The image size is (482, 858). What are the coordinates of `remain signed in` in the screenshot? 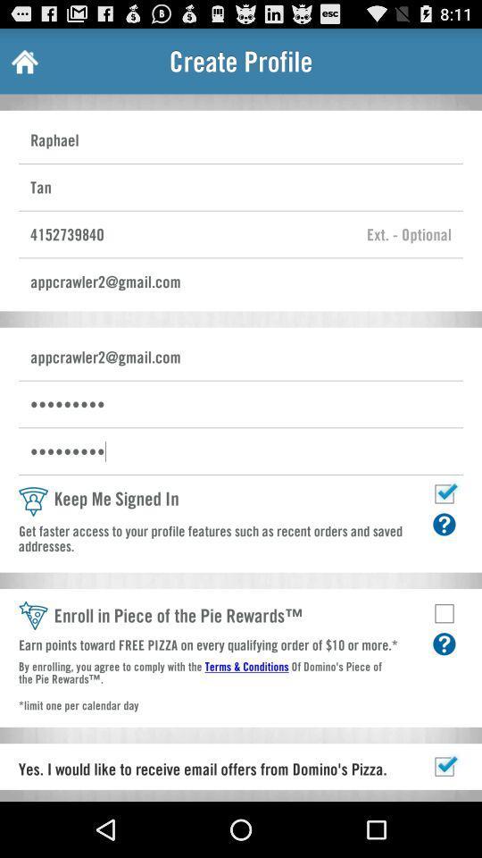 It's located at (443, 493).